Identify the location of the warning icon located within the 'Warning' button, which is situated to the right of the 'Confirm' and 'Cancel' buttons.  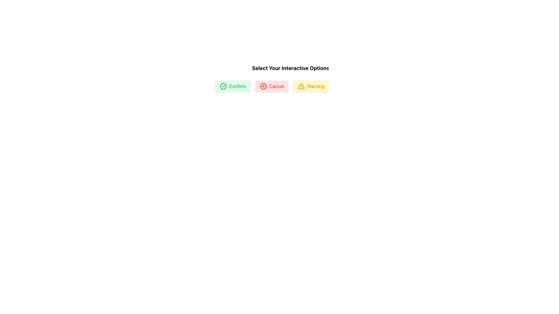
(301, 86).